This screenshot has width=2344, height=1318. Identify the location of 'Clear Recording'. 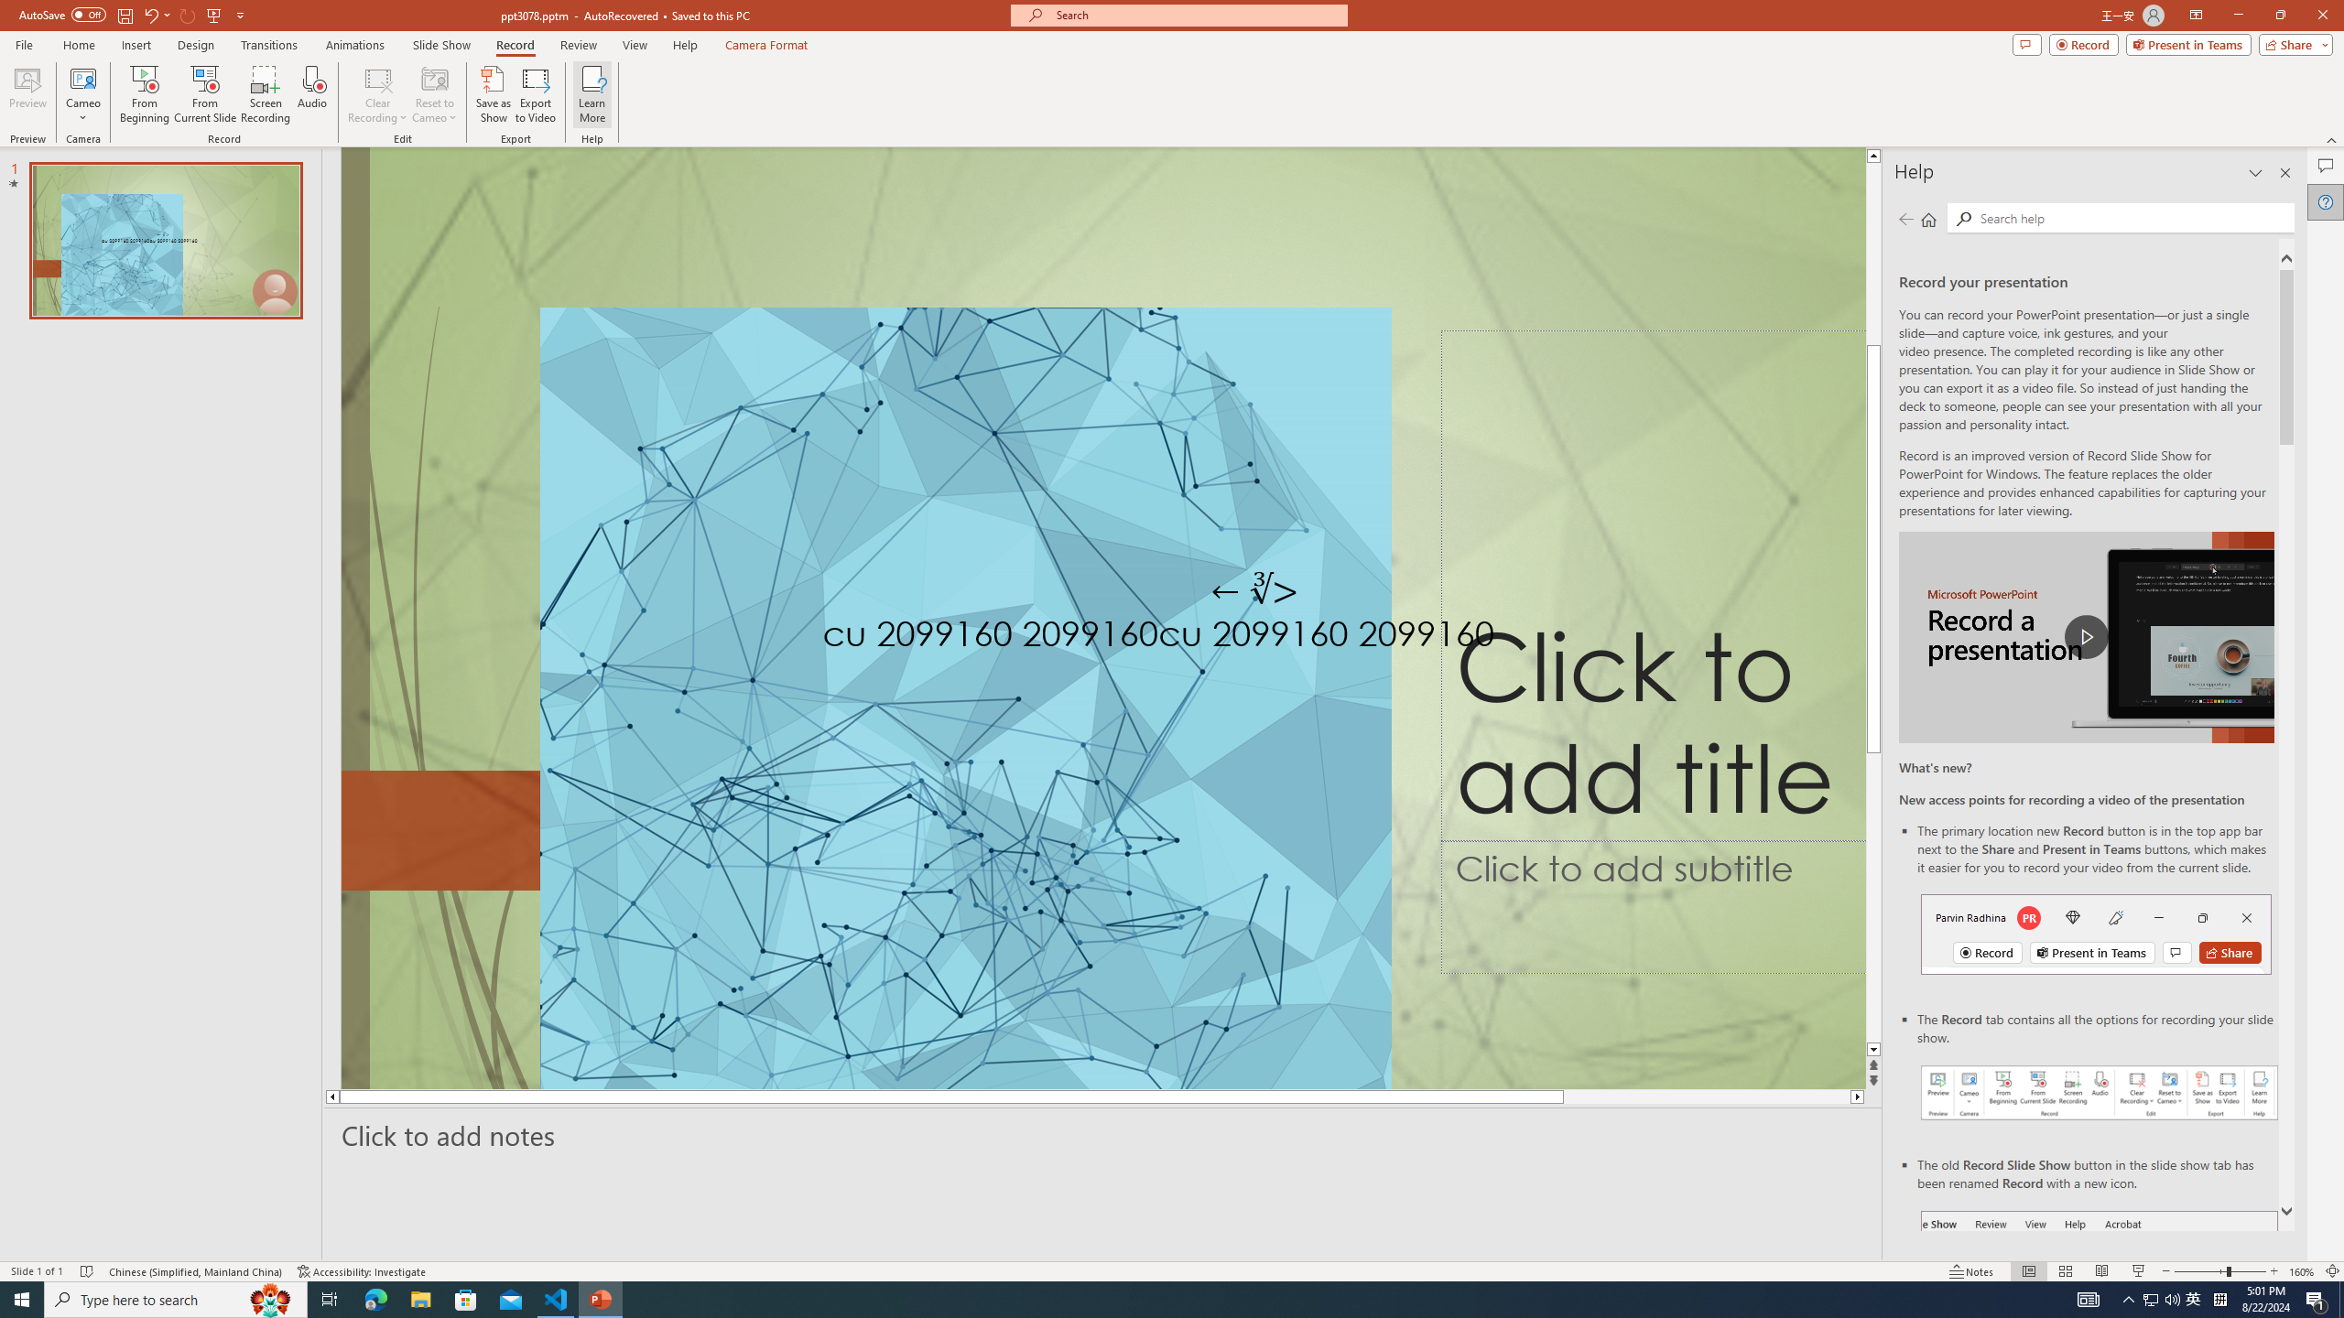
(377, 94).